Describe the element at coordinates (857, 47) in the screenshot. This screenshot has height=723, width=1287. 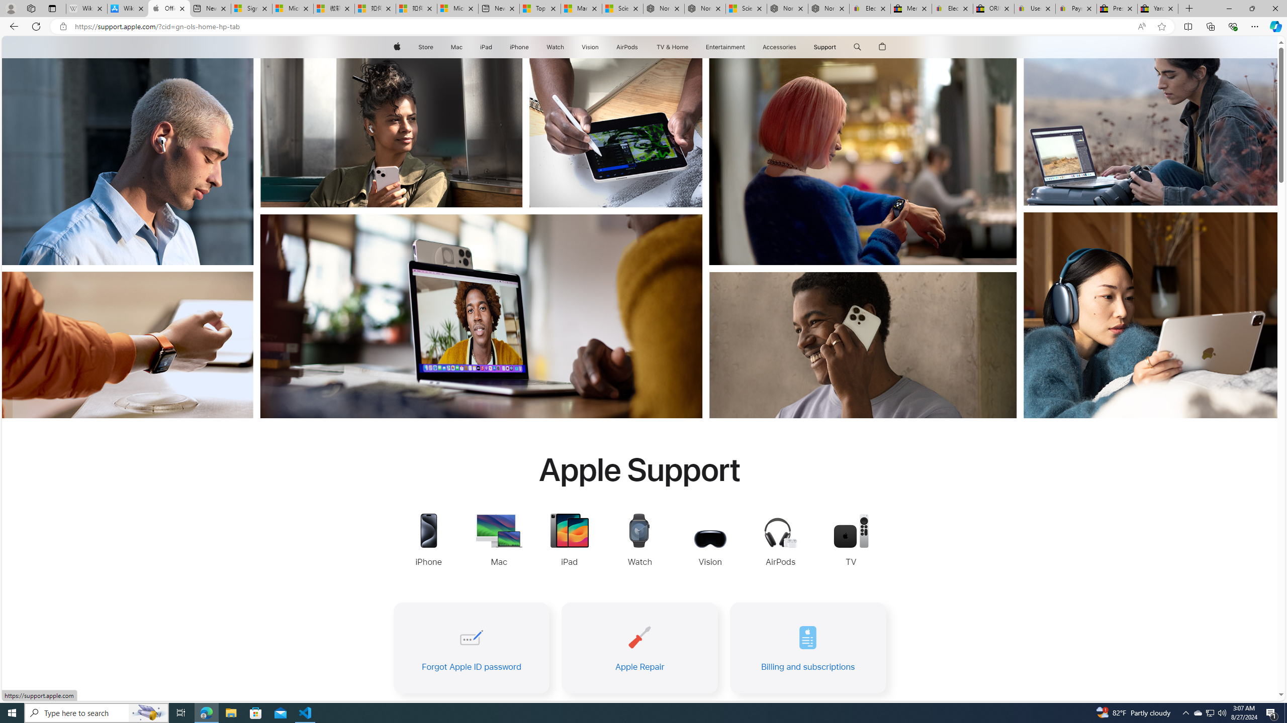
I see `'Class: globalnav-item globalnav-search shift-0-1'` at that location.